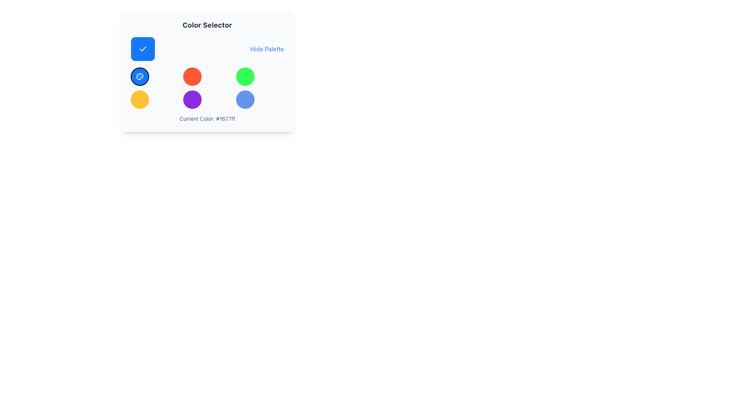 The width and height of the screenshot is (736, 414). What do you see at coordinates (140, 77) in the screenshot?
I see `the palette icon, which serves as a visual representation for color selection or palette management, located within an SVG element at the specified coordinates` at bounding box center [140, 77].